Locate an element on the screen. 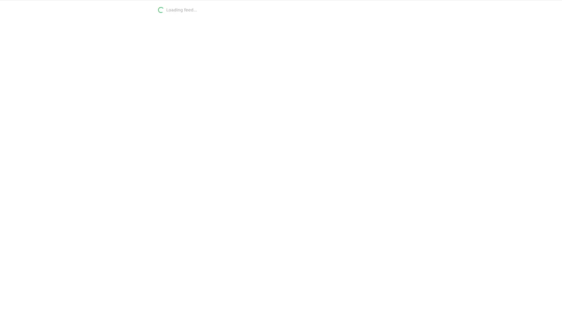  Add keyword is located at coordinates (237, 297).